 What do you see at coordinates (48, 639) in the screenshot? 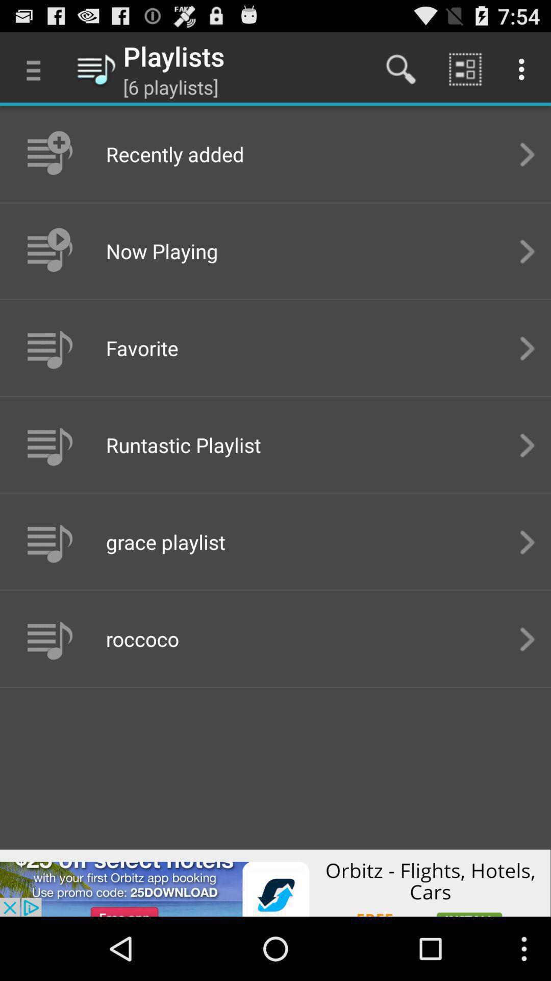
I see `last music icon` at bounding box center [48, 639].